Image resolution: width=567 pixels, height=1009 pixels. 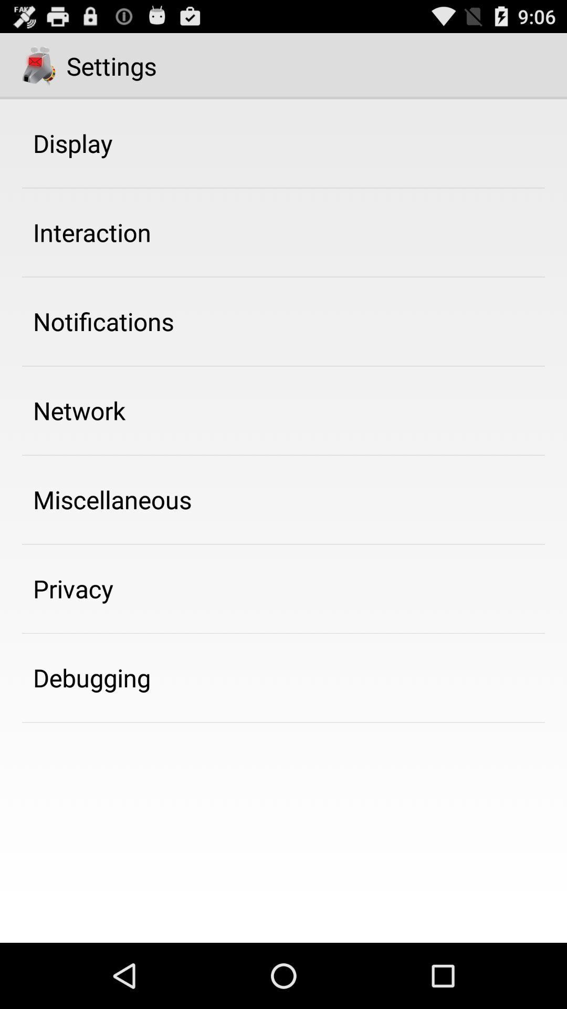 What do you see at coordinates (72, 589) in the screenshot?
I see `icon above debugging app` at bounding box center [72, 589].